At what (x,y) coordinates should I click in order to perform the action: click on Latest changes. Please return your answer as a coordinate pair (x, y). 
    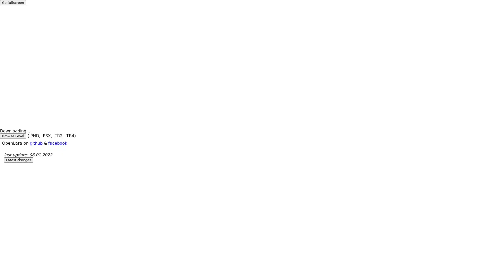
    Looking at the image, I should click on (18, 155).